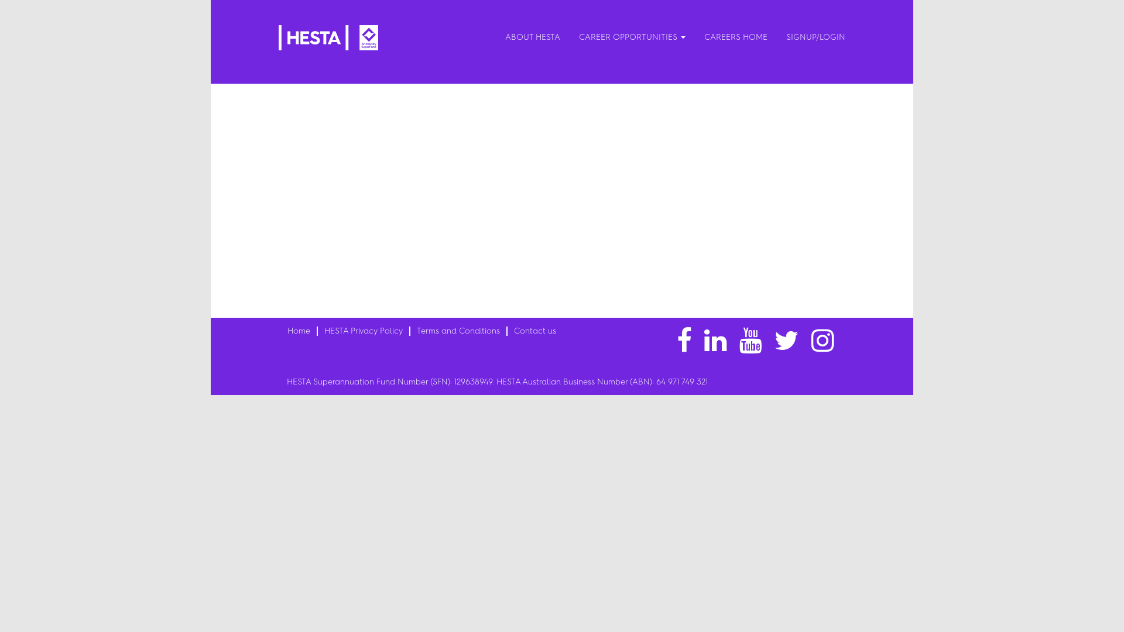  Describe the element at coordinates (362, 331) in the screenshot. I see `'HESTA Privacy Policy'` at that location.